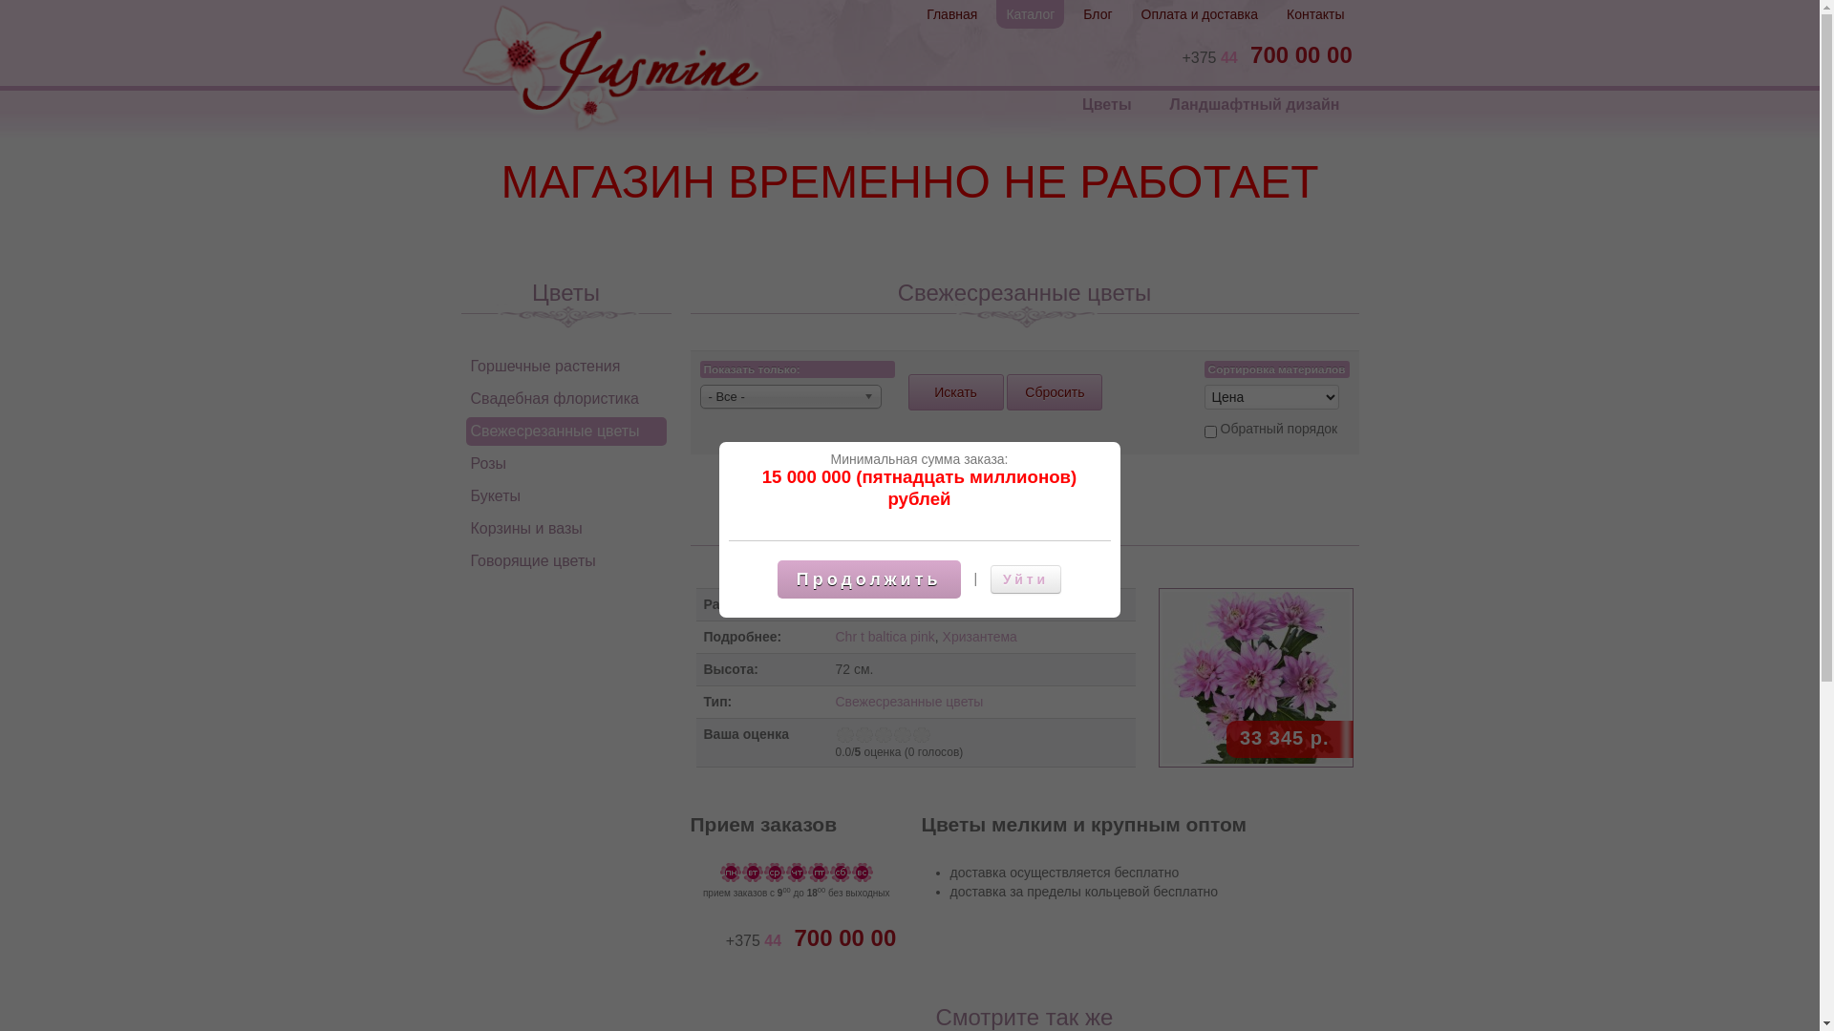  Describe the element at coordinates (1255, 676) in the screenshot. I see `'BALTICA PINK'` at that location.